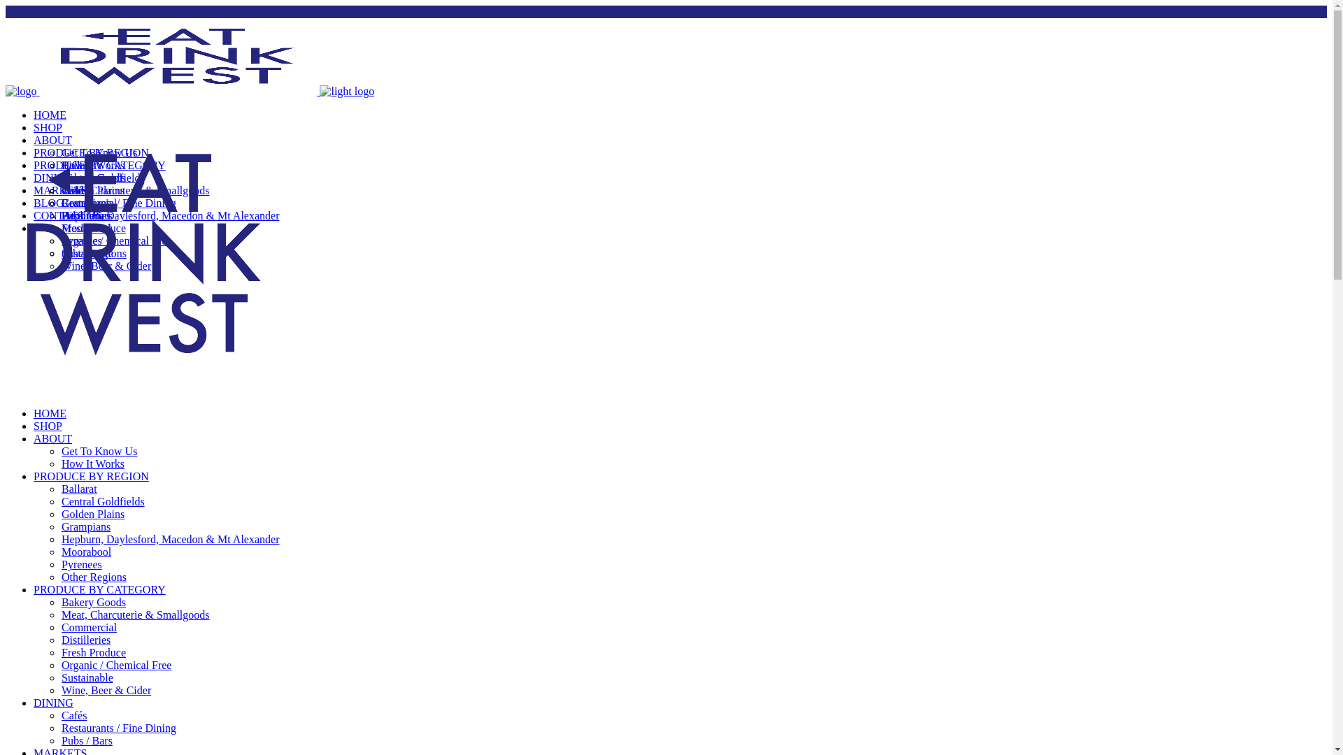  I want to click on 'PRODUCE BY REGION', so click(90, 152).